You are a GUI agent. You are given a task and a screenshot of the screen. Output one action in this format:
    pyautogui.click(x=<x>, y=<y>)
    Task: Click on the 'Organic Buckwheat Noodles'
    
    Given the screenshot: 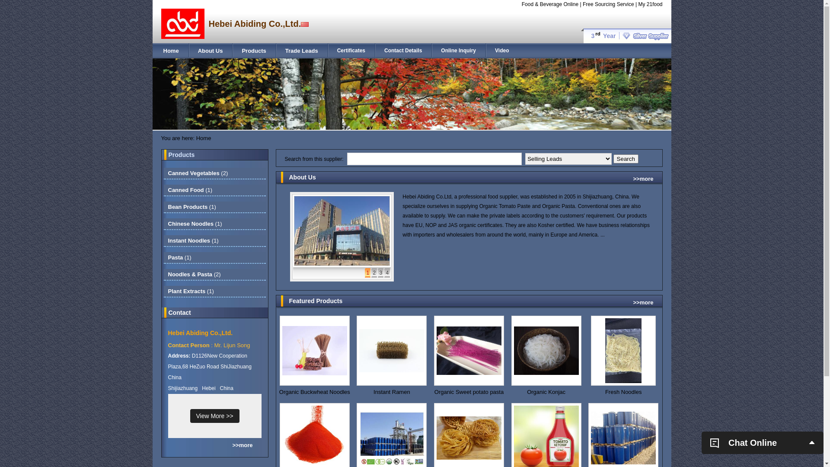 What is the action you would take?
    pyautogui.click(x=314, y=392)
    